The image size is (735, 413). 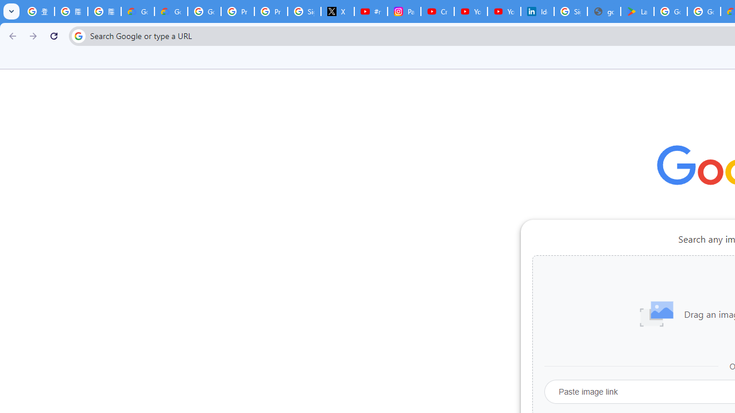 I want to click on 'Google Cloud Privacy Notice', so click(x=138, y=11).